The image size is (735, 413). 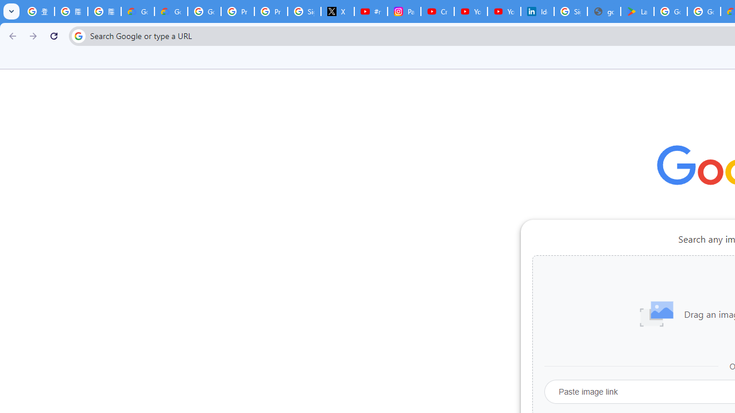 I want to click on 'Google Cloud Privacy Notice', so click(x=138, y=11).